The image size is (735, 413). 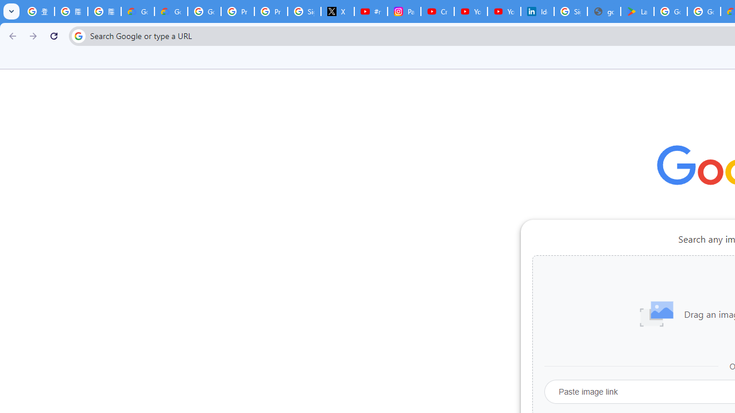 I want to click on 'Google Cloud Privacy Notice', so click(x=138, y=11).